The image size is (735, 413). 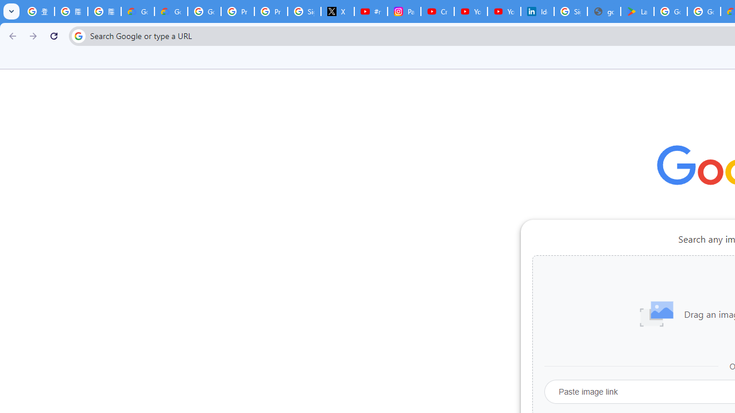 I want to click on 'Google Cloud Privacy Notice', so click(x=138, y=11).